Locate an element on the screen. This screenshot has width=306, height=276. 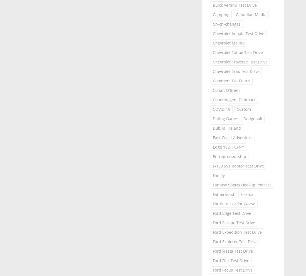
'East Coast Adventure' is located at coordinates (232, 137).